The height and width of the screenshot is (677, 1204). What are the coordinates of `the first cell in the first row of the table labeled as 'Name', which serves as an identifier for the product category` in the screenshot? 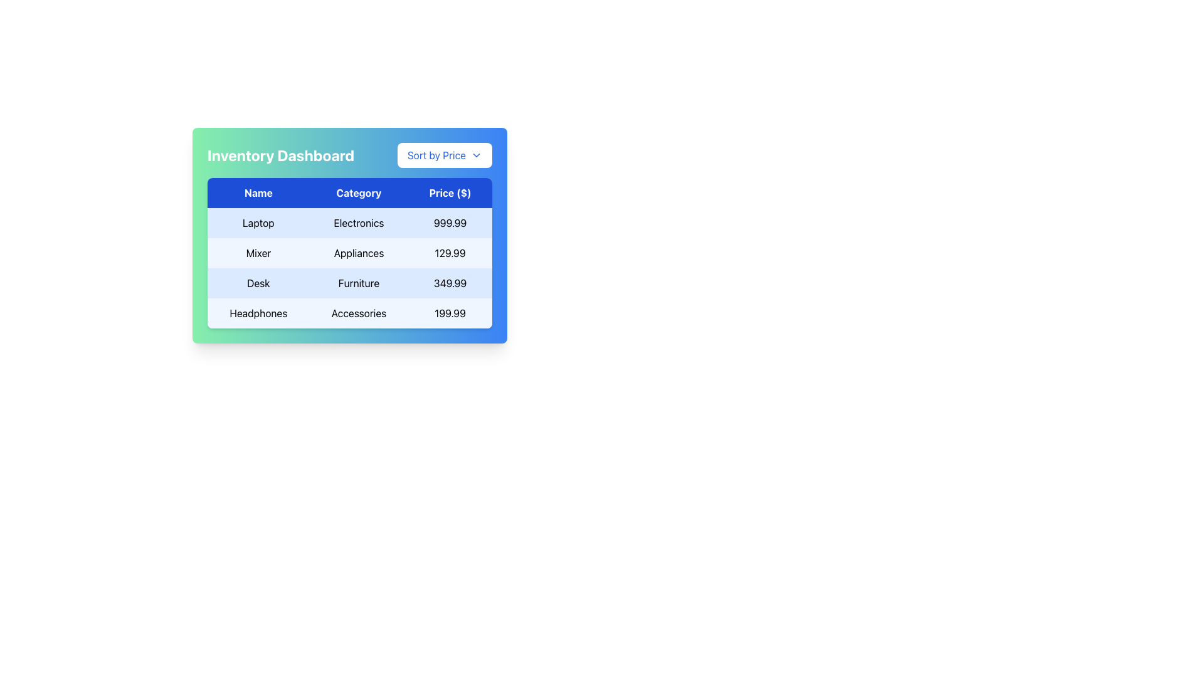 It's located at (258, 222).